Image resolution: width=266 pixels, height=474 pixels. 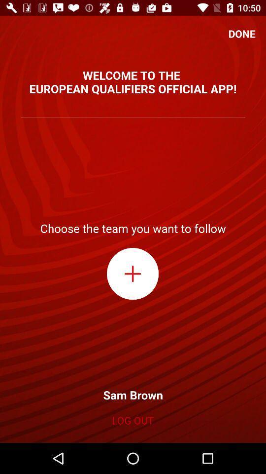 I want to click on new team, so click(x=133, y=274).